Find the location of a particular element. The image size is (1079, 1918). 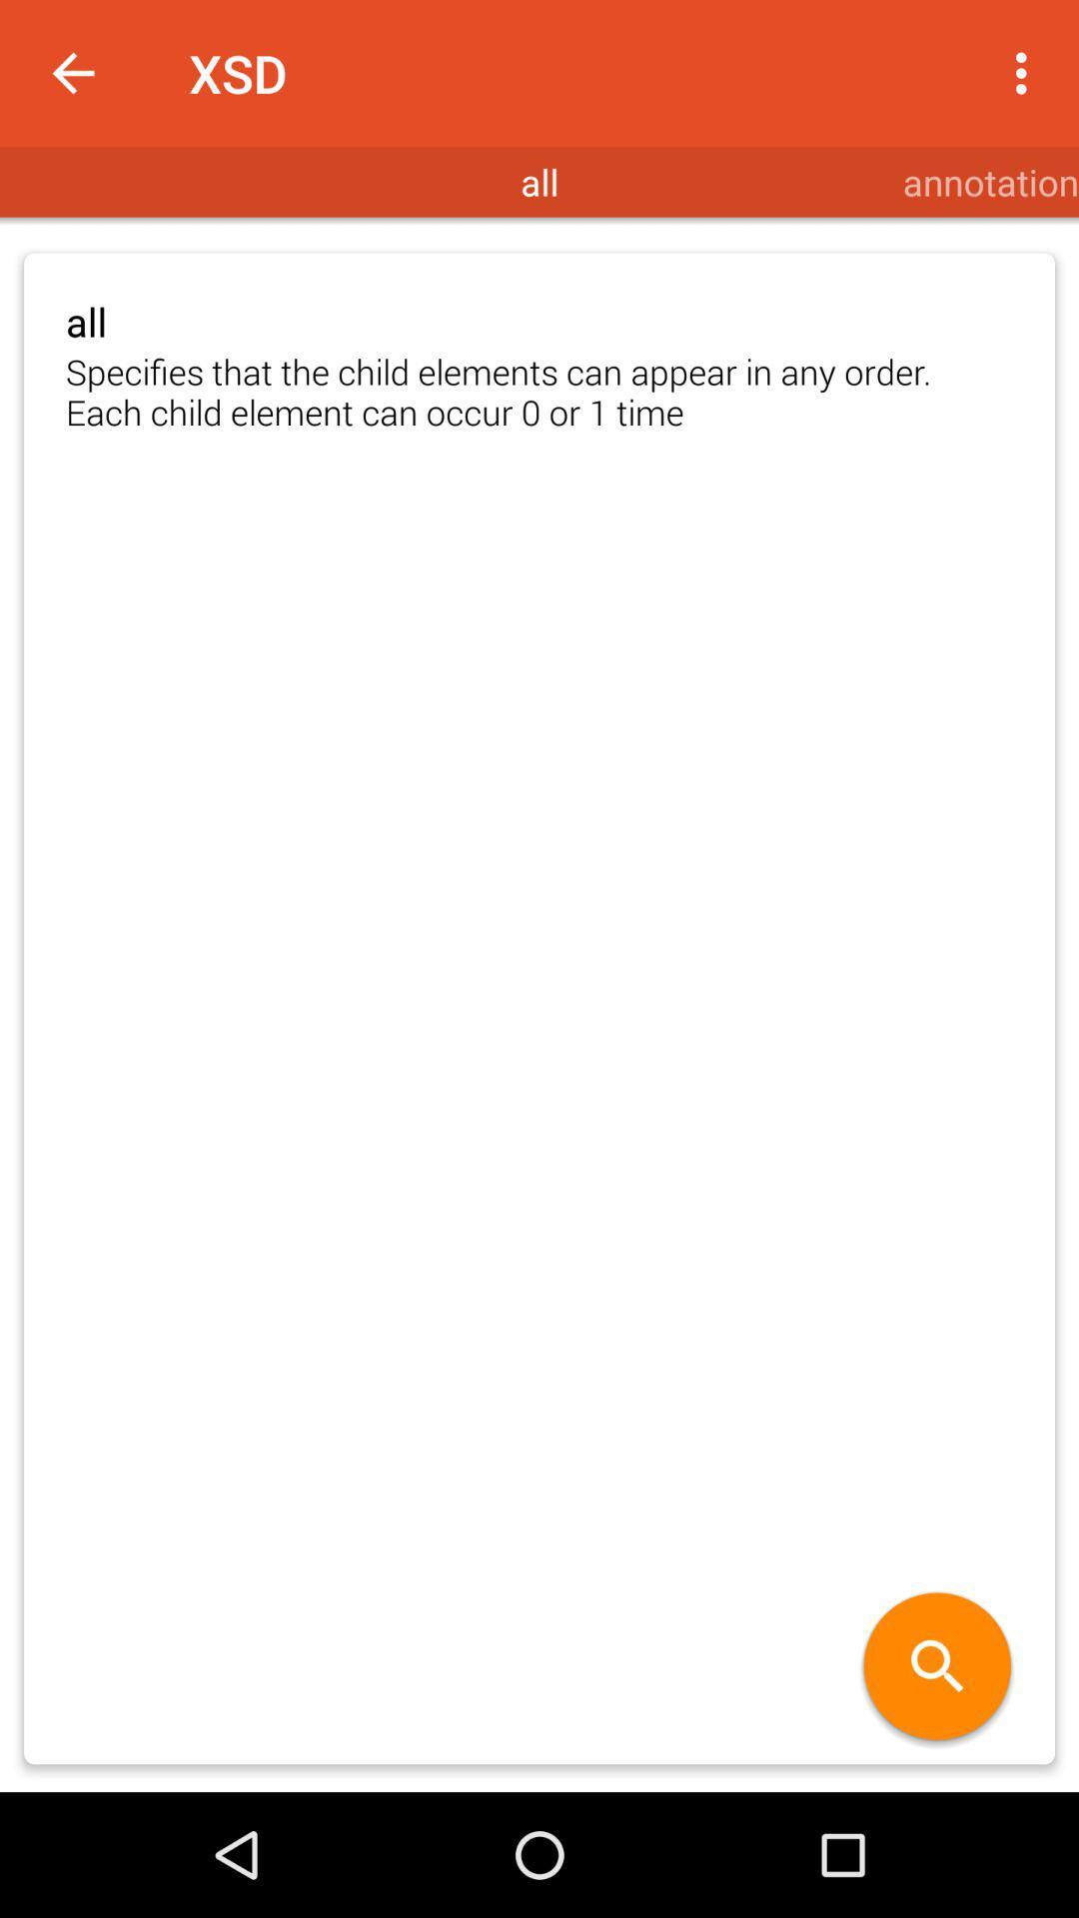

icon next to the xsd icon is located at coordinates (72, 73).